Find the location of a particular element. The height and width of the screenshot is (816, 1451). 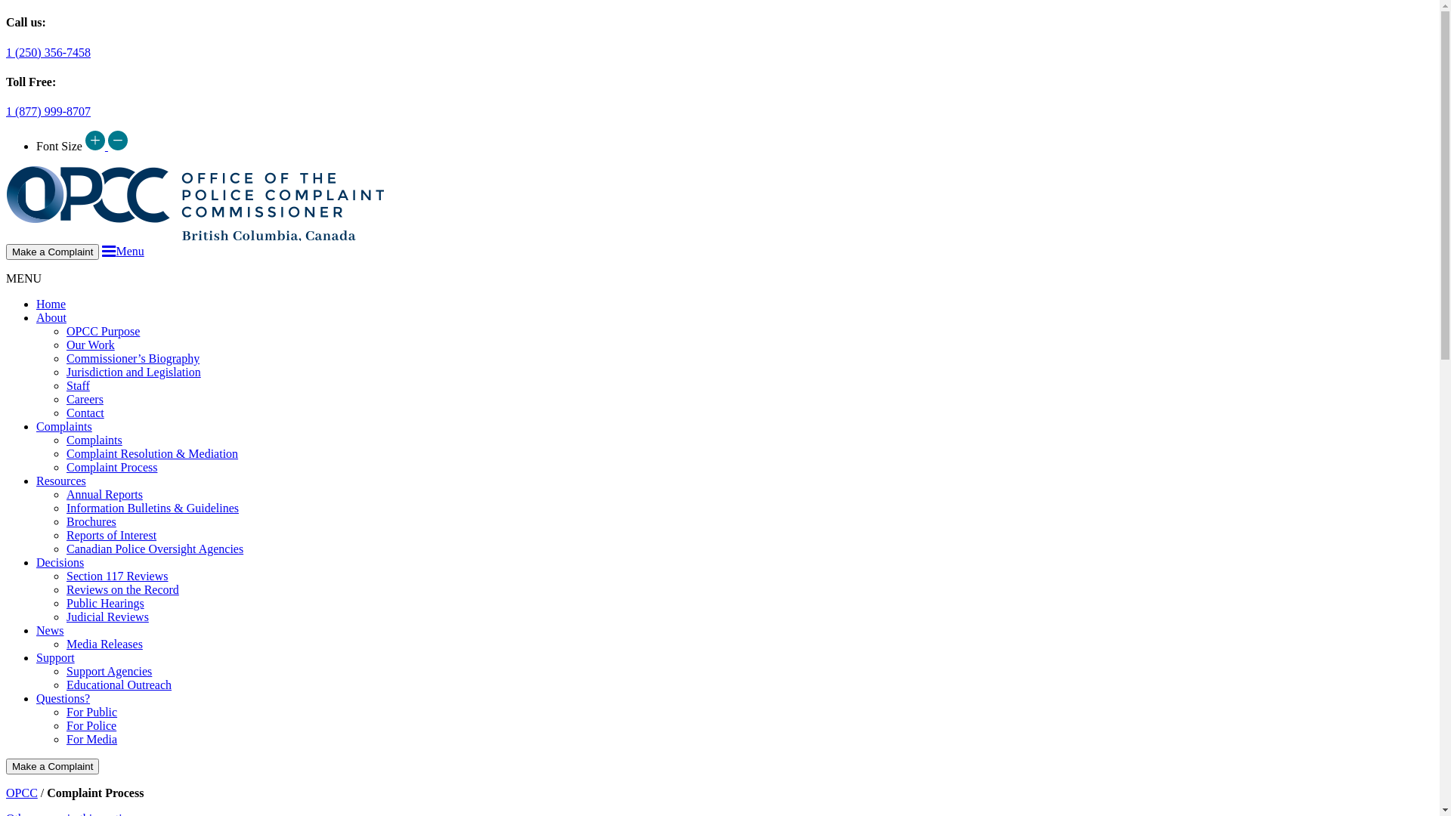

'Careers' is located at coordinates (84, 398).